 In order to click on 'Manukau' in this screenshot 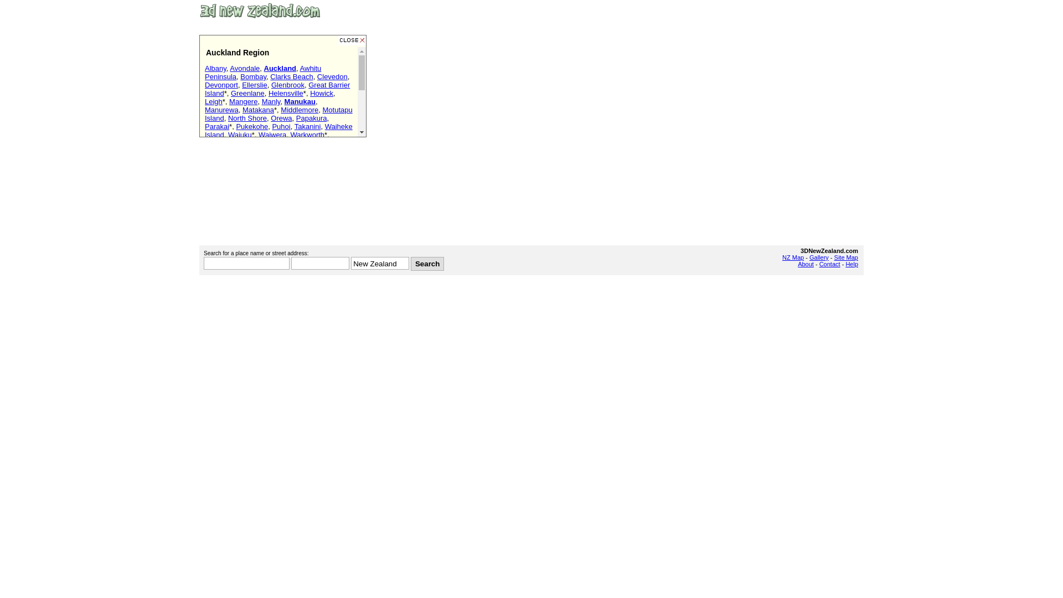, I will do `click(300, 101)`.